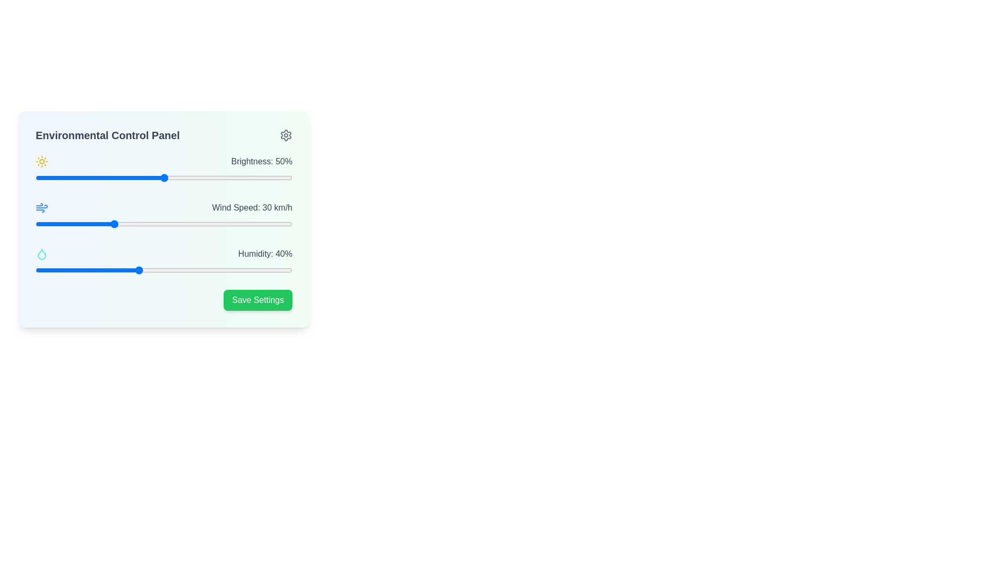 This screenshot has height=567, width=1008. Describe the element at coordinates (163, 224) in the screenshot. I see `the knob of the wind speed slider` at that location.